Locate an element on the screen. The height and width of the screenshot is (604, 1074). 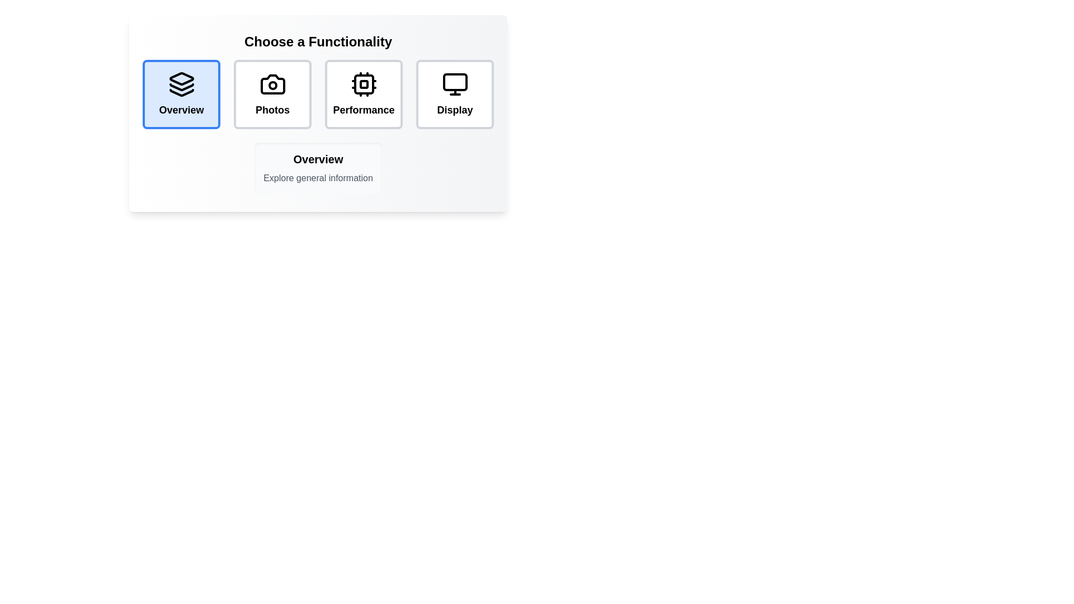
the rectangular button labeled 'Photos' with a camera icon, positioned between 'Overview' and 'Performance', to observe any interactive effects is located at coordinates (272, 94).